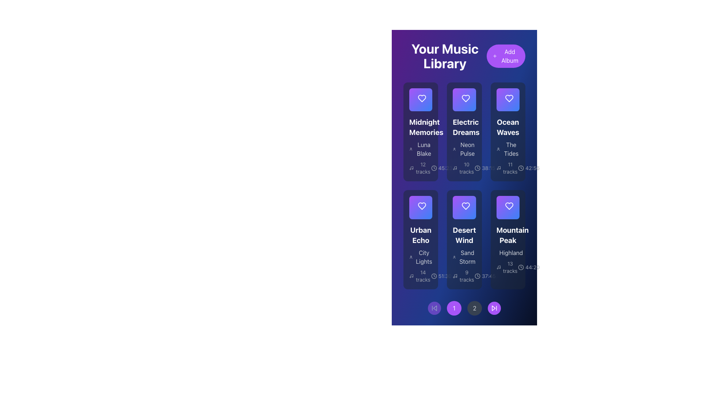  What do you see at coordinates (464, 239) in the screenshot?
I see `the InfoCard displaying the album 'Desert Wind' for more details` at bounding box center [464, 239].